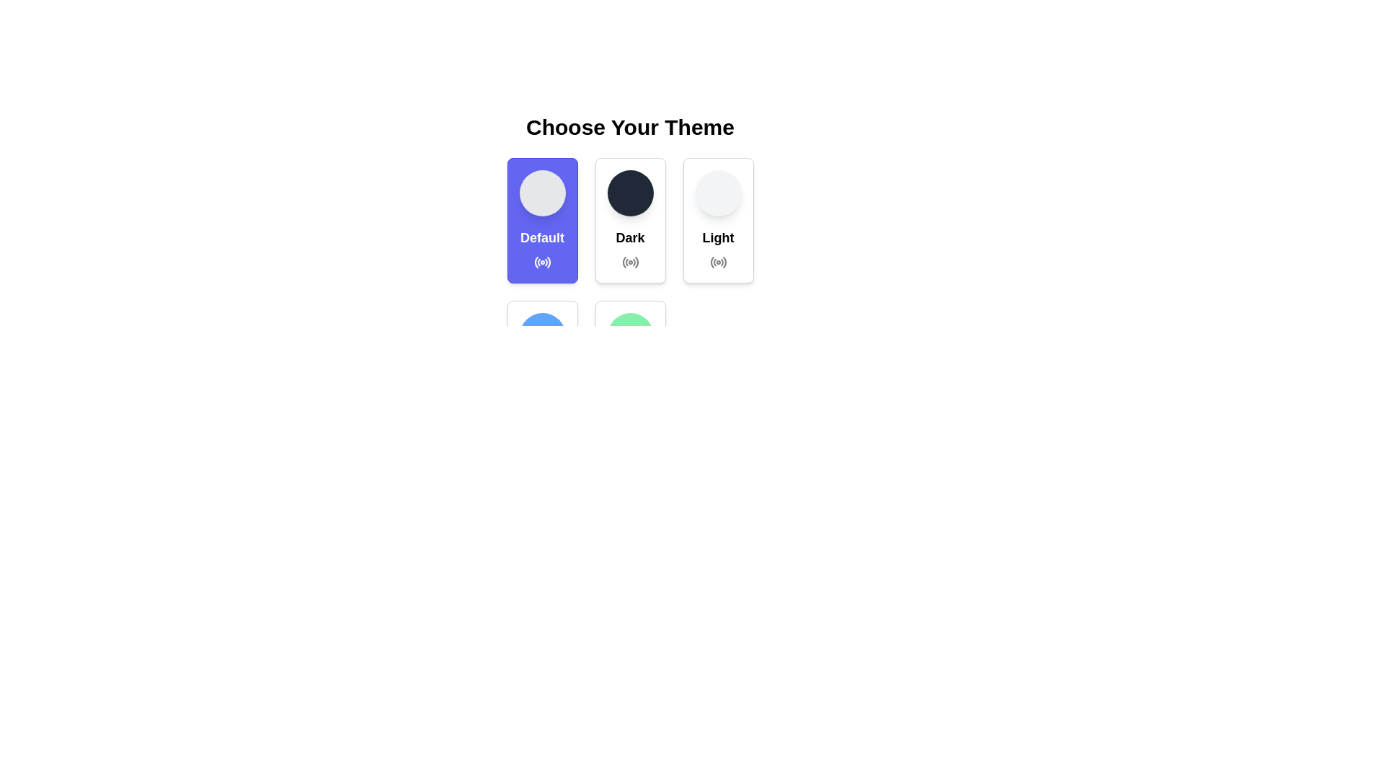  What do you see at coordinates (718, 220) in the screenshot?
I see `the 'Light' selectable card` at bounding box center [718, 220].